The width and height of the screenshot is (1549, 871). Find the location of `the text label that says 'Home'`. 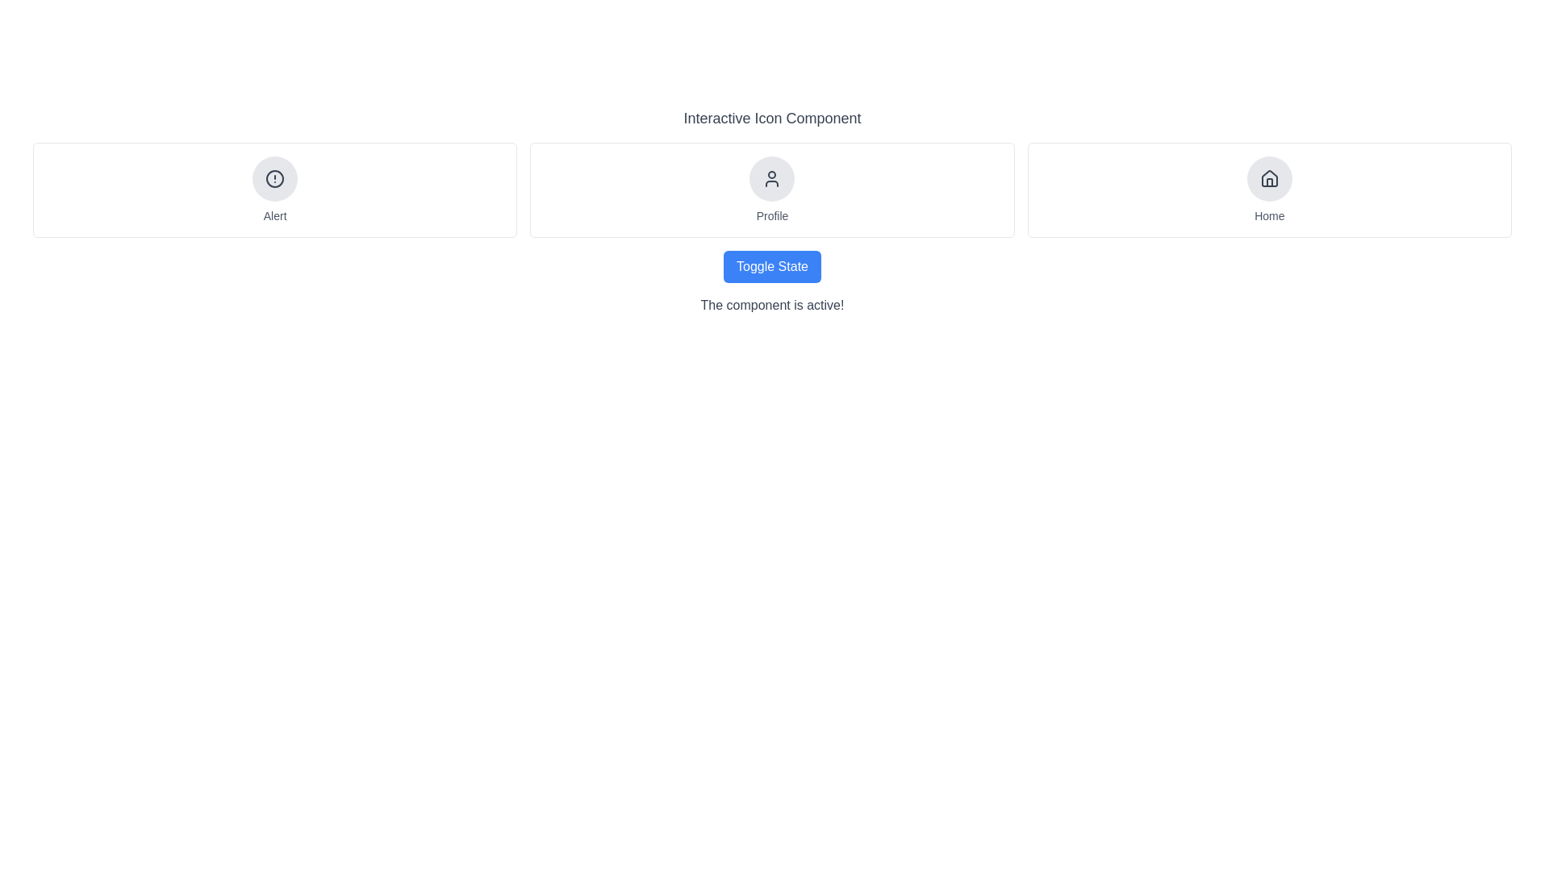

the text label that says 'Home' is located at coordinates (1268, 215).